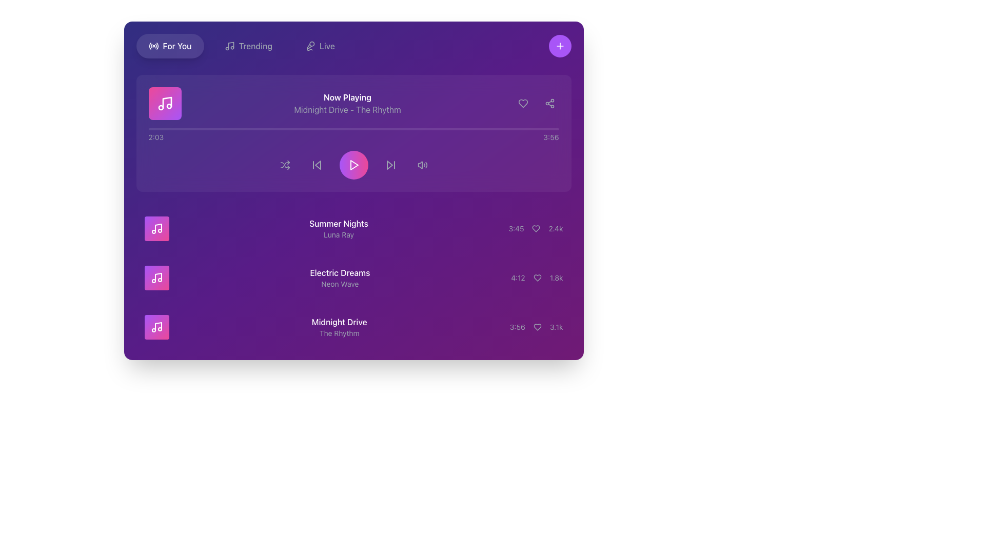 The image size is (985, 554). I want to click on the list item displaying the music track 'Midnight Drive' by 'The Rhythm', so click(353, 327).